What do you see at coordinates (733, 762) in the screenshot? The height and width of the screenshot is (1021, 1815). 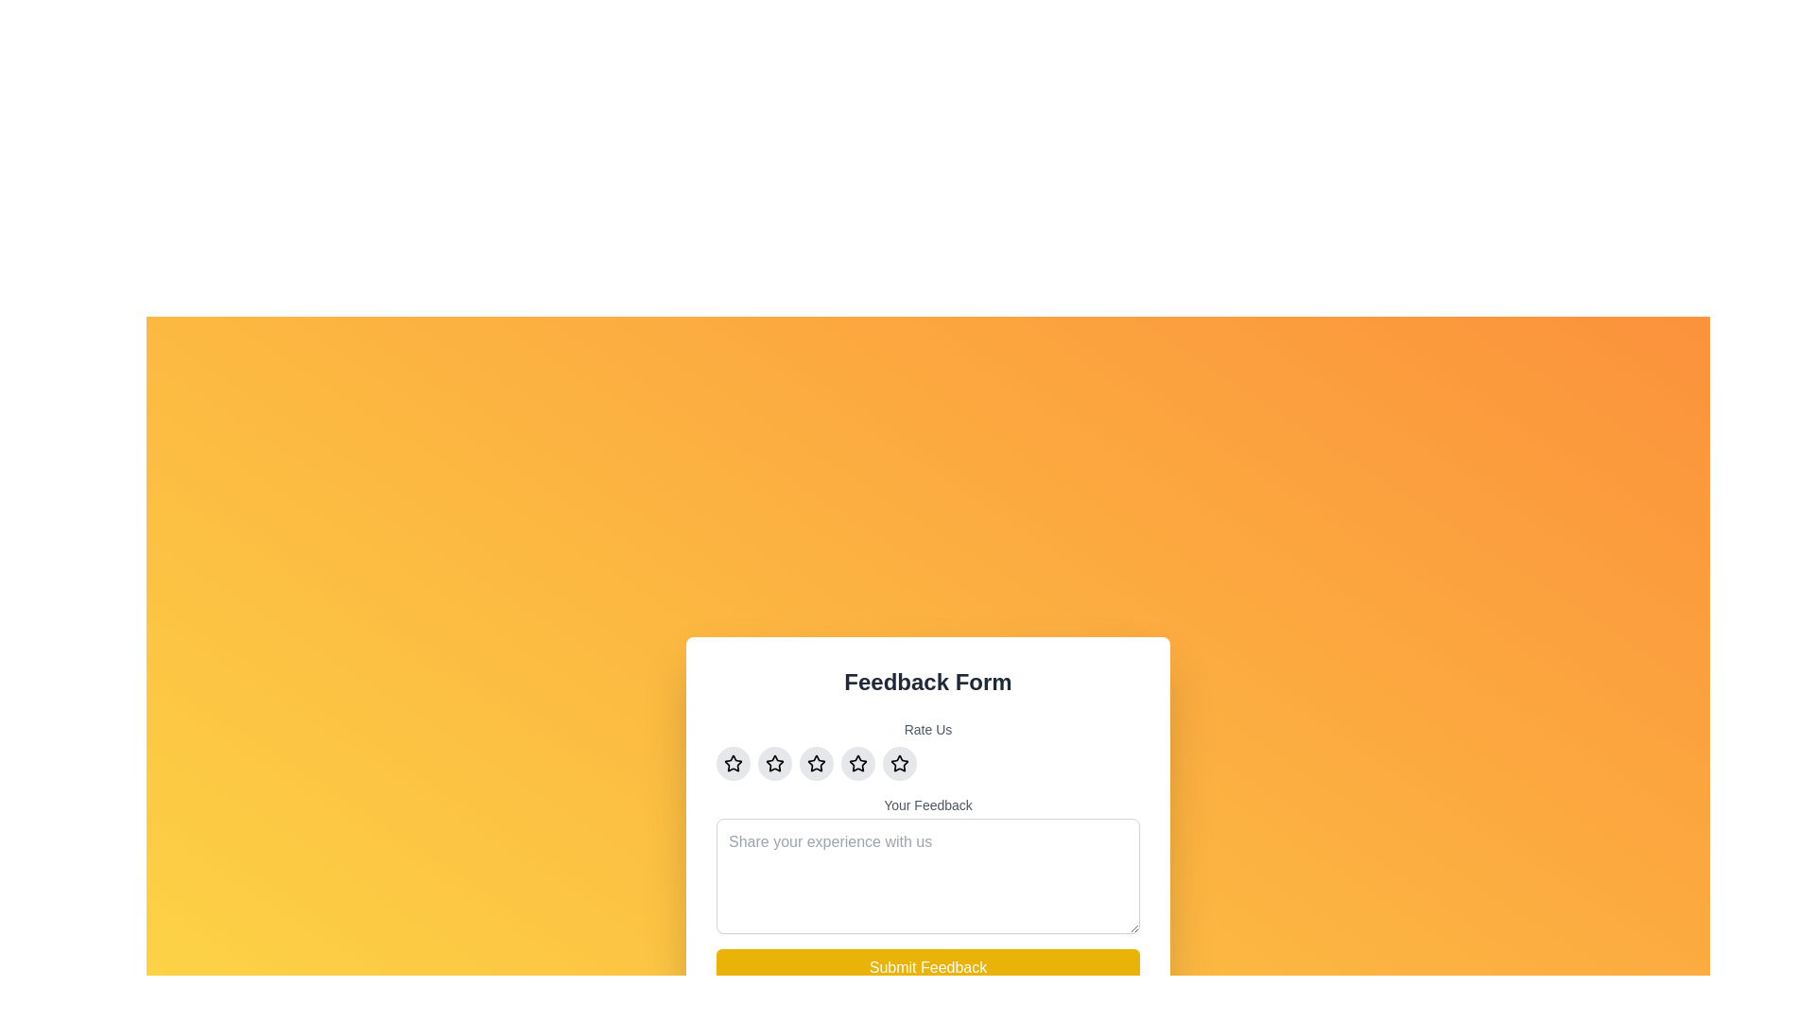 I see `the hollow star rating icon located above the 'Your Feedback' text area` at bounding box center [733, 762].